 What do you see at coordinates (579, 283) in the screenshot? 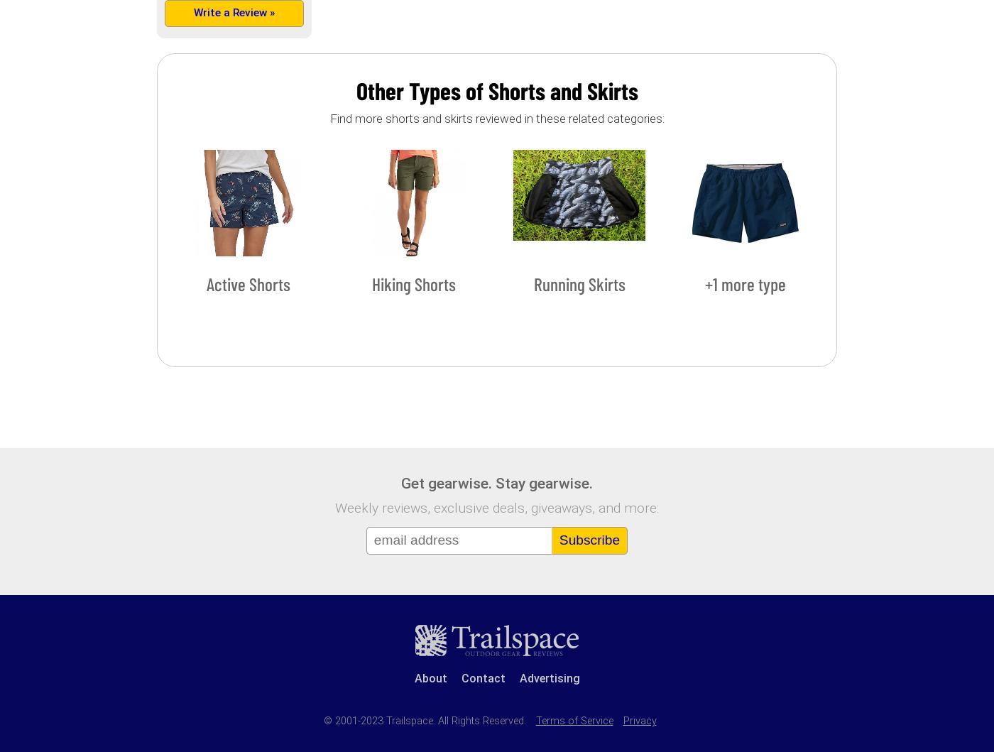
I see `'Running Skirts'` at bounding box center [579, 283].